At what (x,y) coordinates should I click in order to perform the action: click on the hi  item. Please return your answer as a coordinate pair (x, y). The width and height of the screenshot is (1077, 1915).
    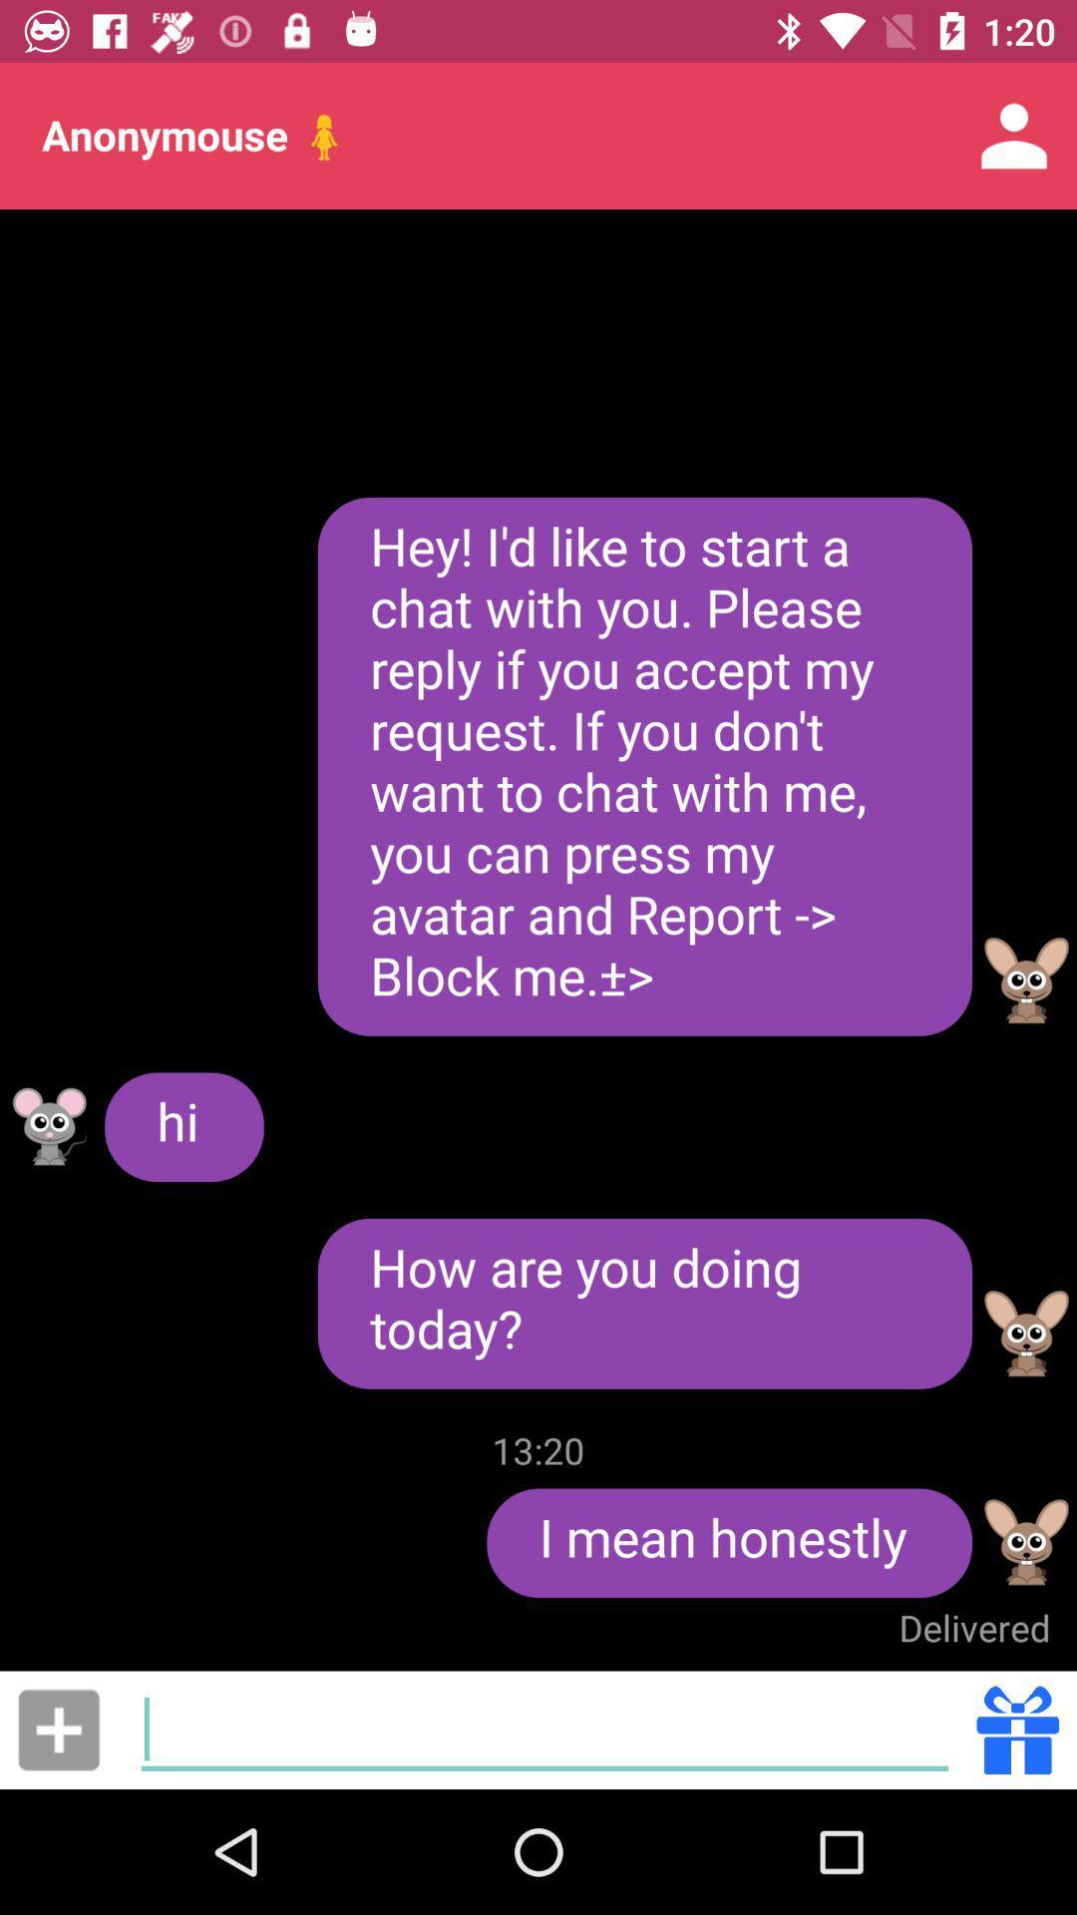
    Looking at the image, I should click on (183, 1127).